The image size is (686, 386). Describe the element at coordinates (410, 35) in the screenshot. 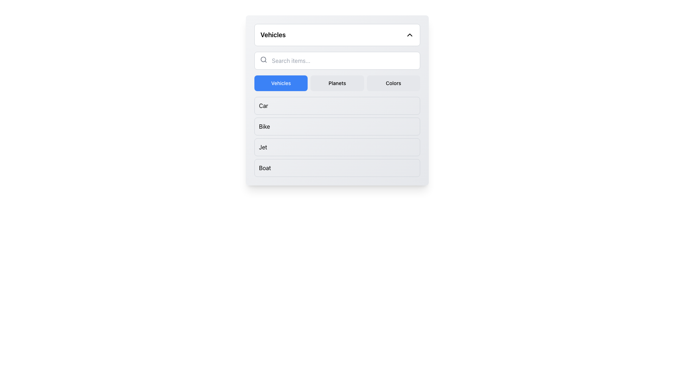

I see `the upward-pointing chevron icon located at the rightmost part of the 'Vehicles' dropdown header` at that location.